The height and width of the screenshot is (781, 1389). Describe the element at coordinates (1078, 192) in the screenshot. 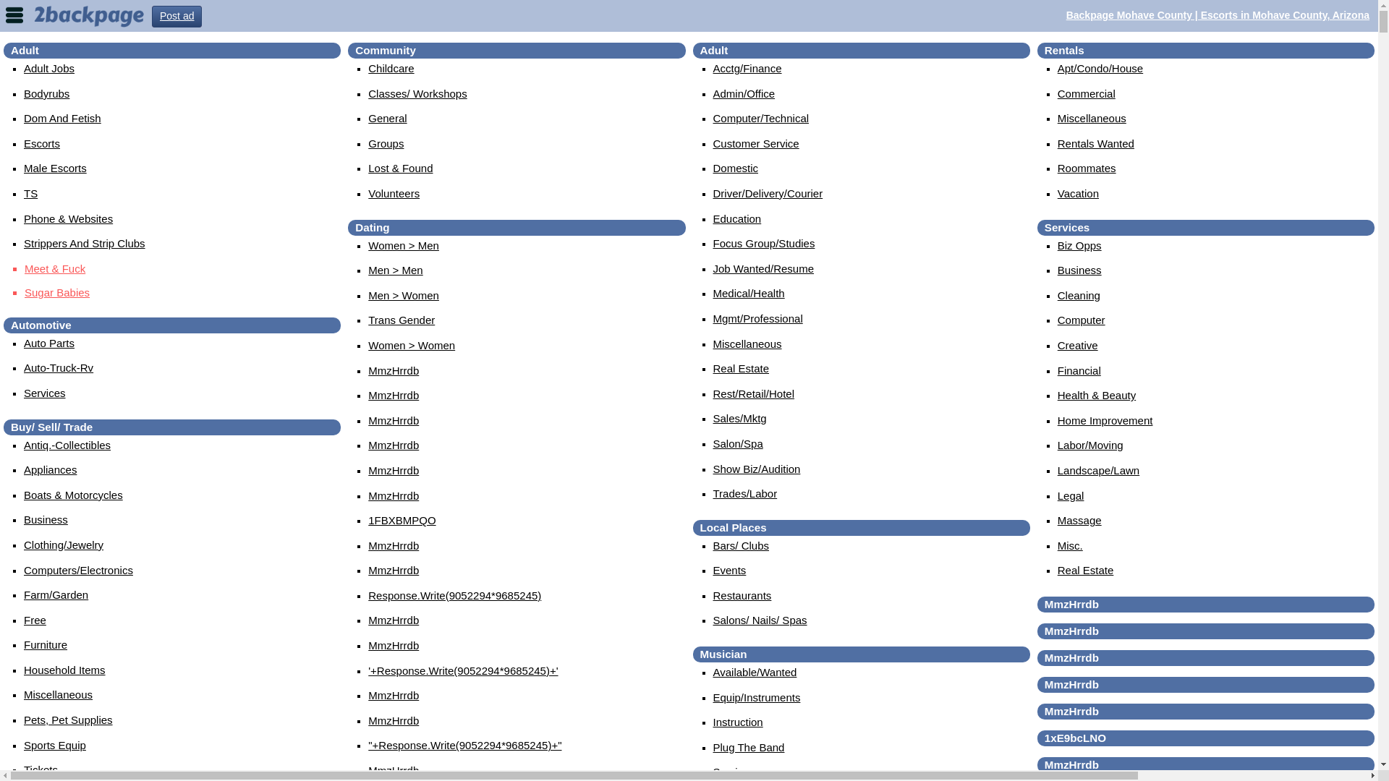

I see `'Vacation'` at that location.